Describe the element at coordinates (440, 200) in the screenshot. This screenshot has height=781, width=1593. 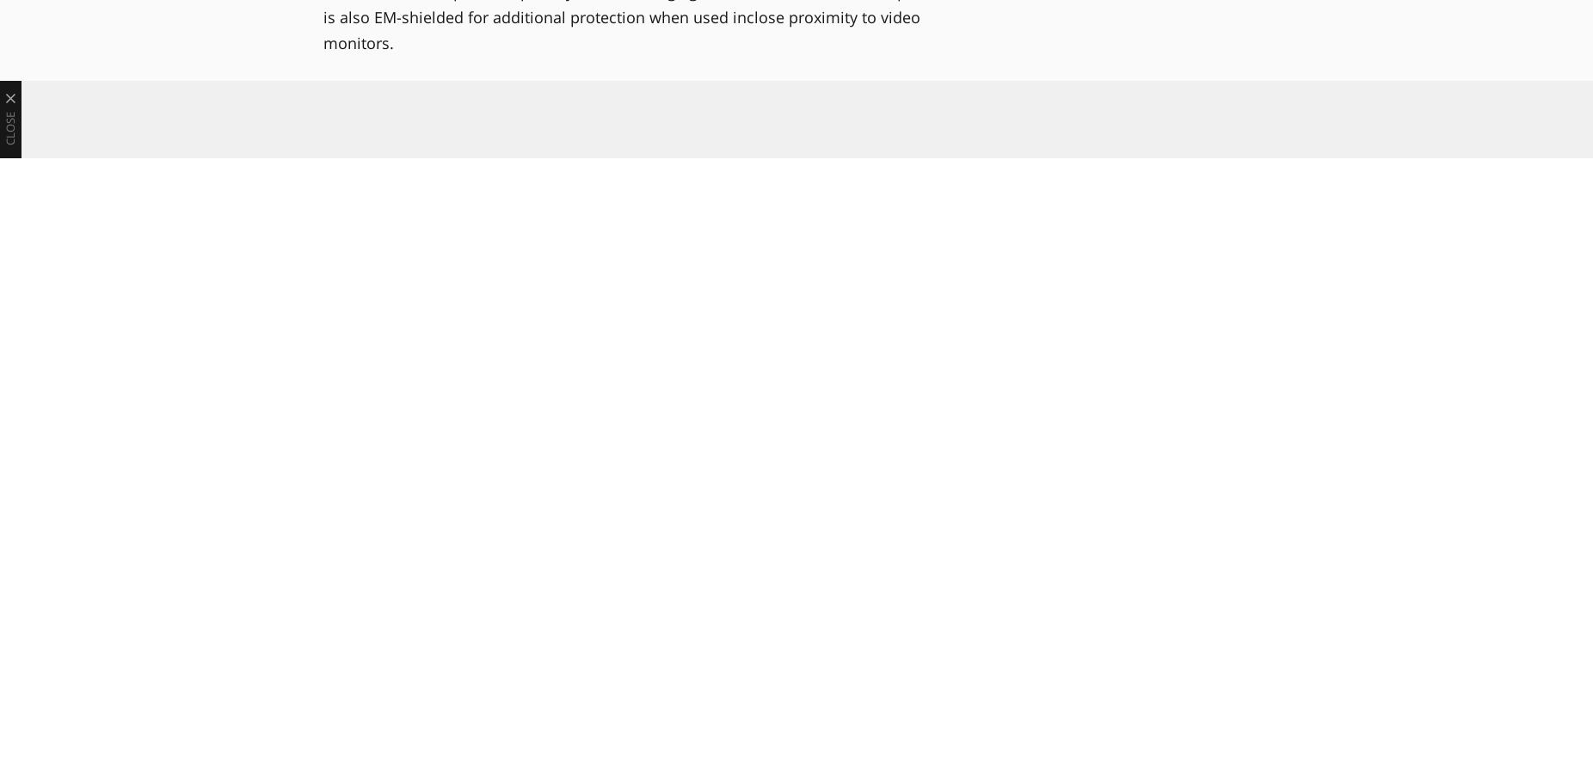
I see `'For more, visit Genelec online at'` at that location.